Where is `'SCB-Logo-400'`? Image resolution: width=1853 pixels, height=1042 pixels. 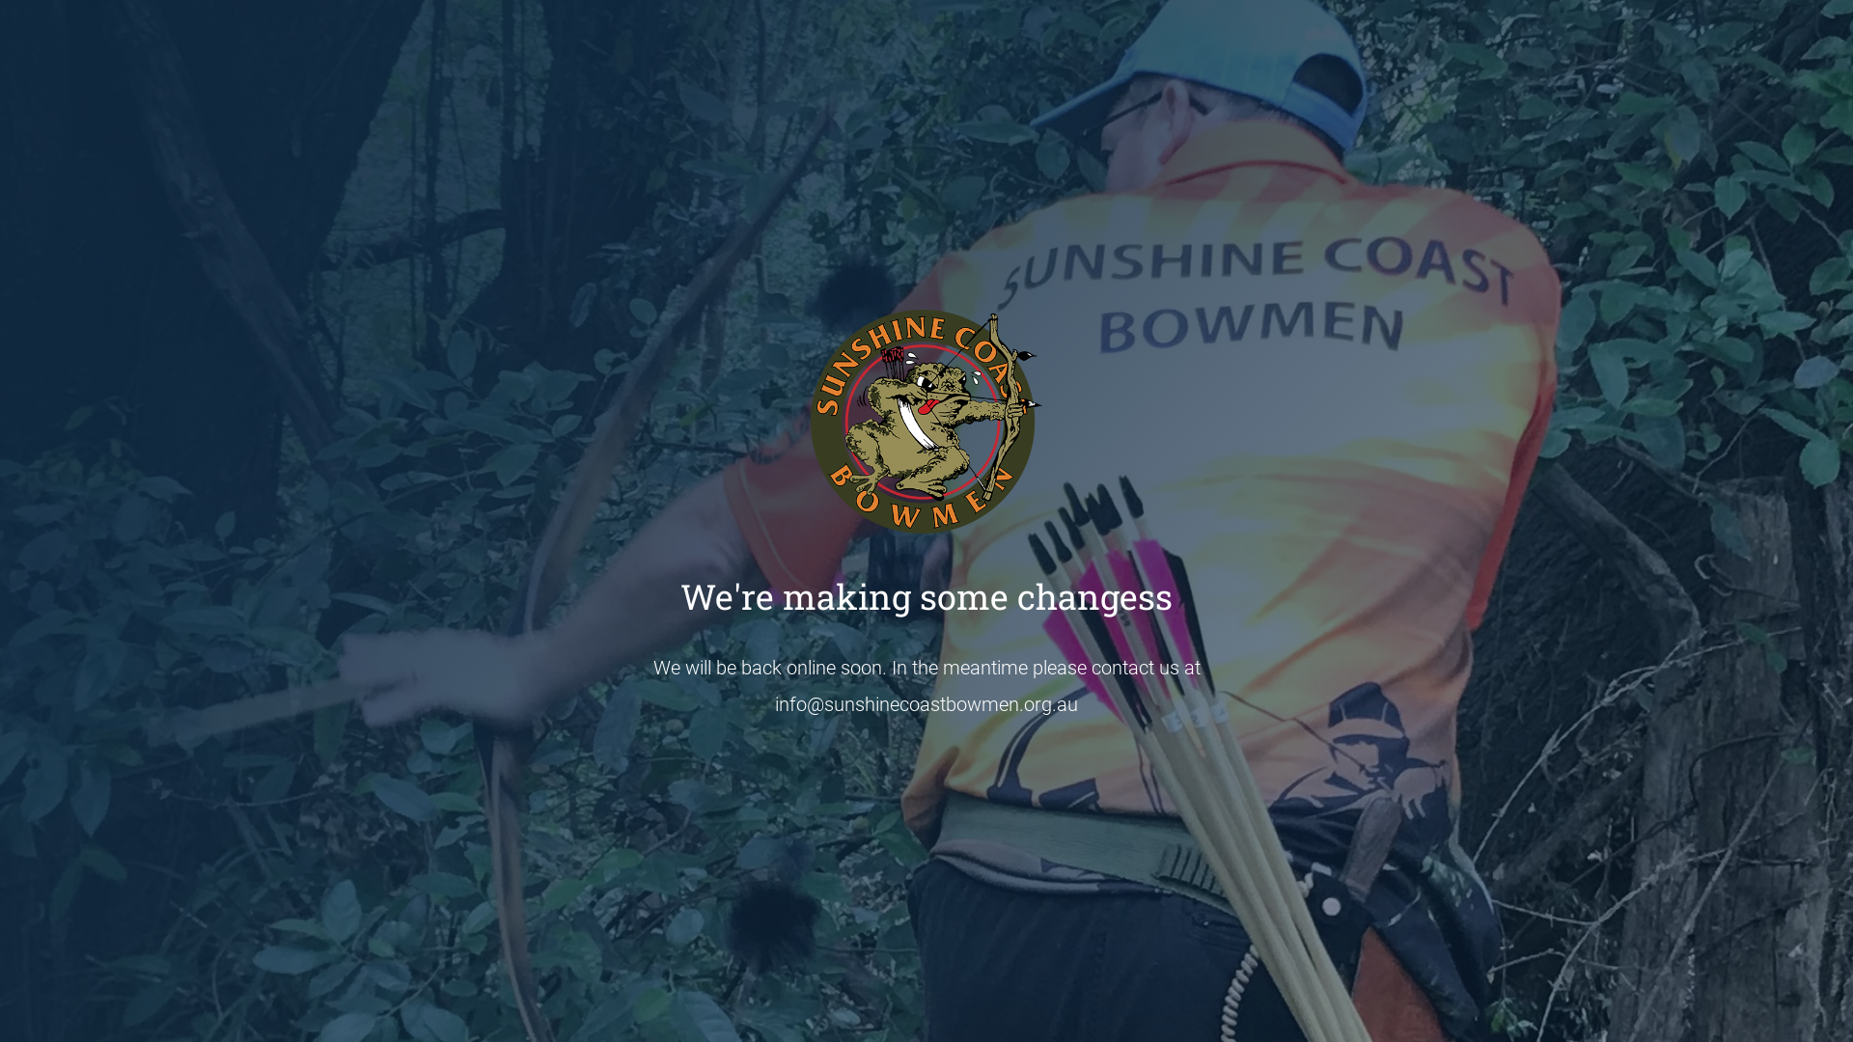 'SCB-Logo-400' is located at coordinates (926, 420).